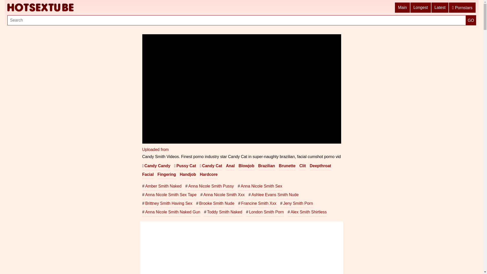  I want to click on 'Alex Smith Shirtless', so click(307, 212).